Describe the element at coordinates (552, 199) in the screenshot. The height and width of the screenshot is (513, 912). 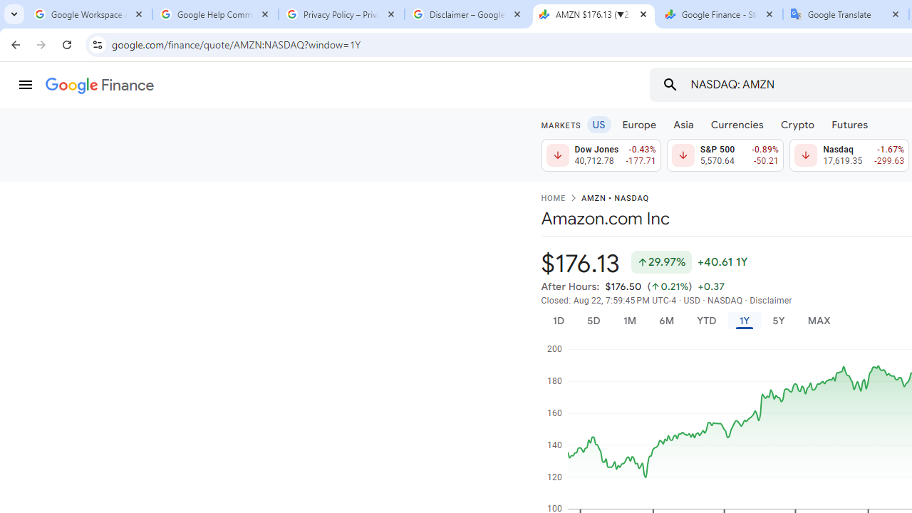
I see `'HOME'` at that location.